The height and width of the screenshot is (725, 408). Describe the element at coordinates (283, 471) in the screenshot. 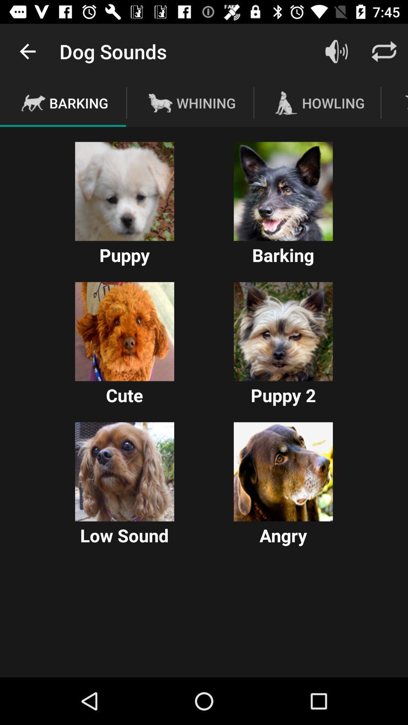

I see `angry dog` at that location.